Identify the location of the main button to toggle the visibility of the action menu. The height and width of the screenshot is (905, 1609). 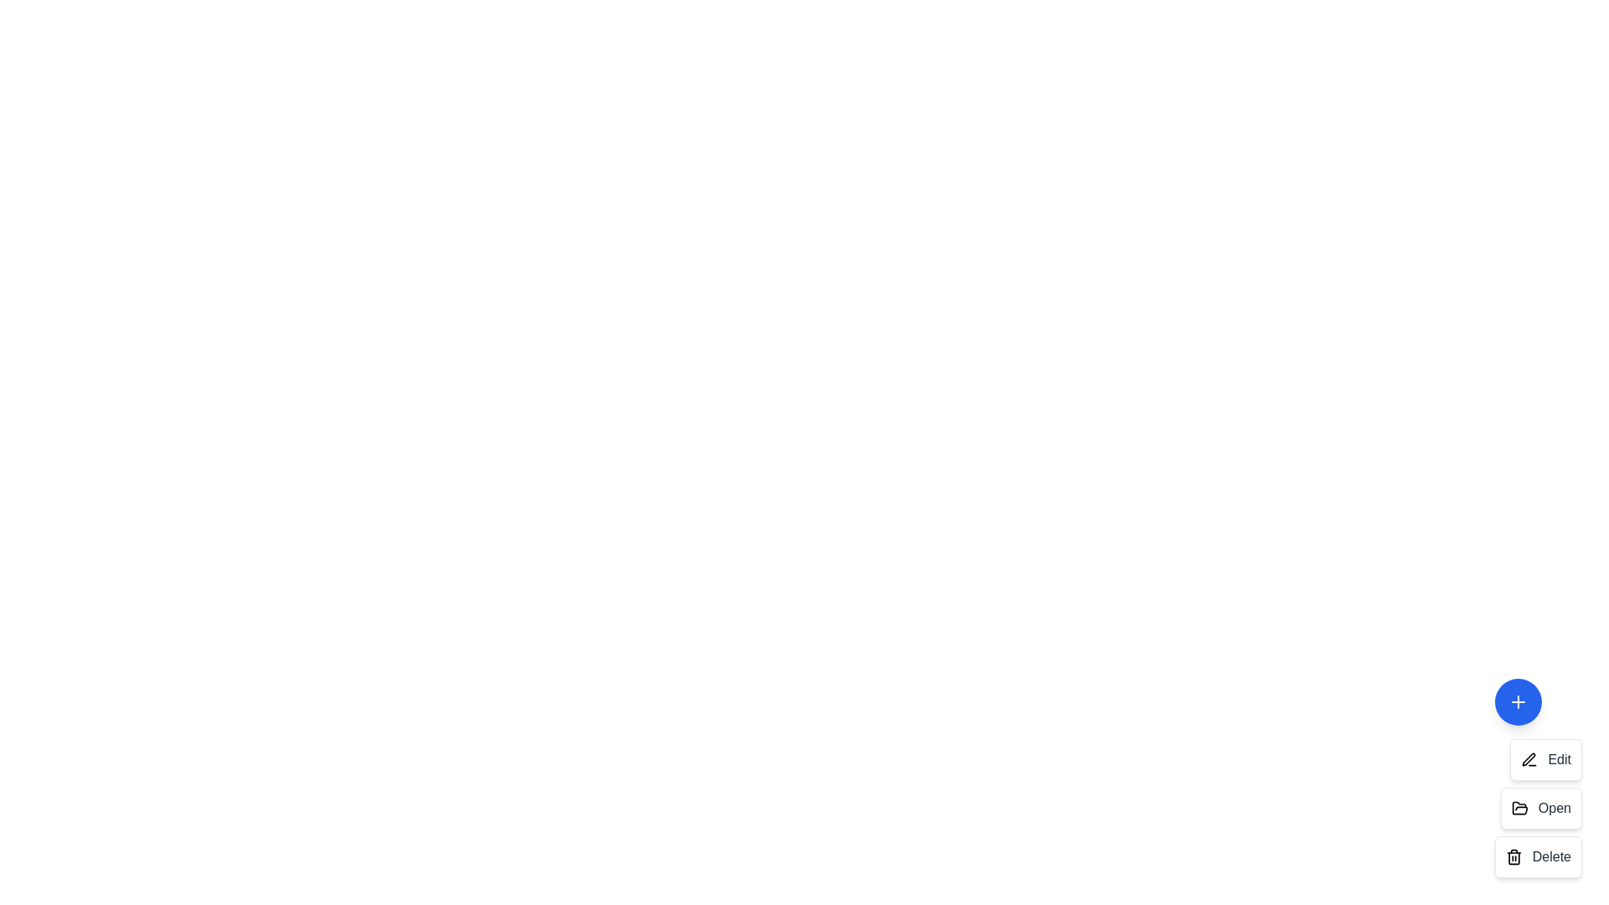
(1518, 701).